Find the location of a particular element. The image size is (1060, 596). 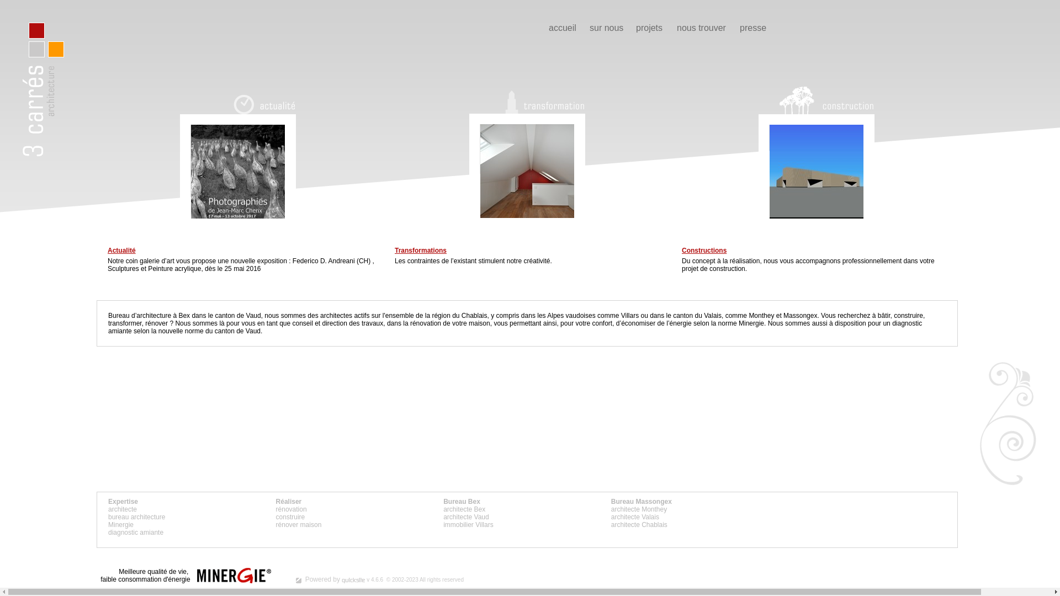

'architecte Vaud' is located at coordinates (466, 517).